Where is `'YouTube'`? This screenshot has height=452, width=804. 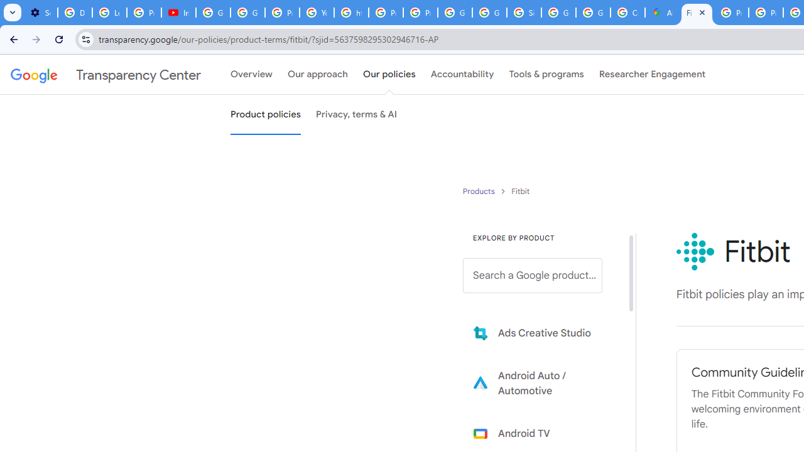 'YouTube' is located at coordinates (317, 13).